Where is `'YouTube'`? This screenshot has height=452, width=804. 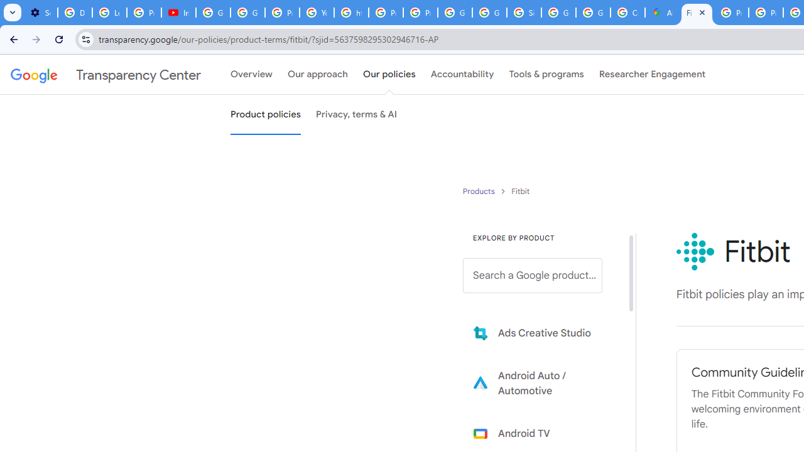 'YouTube' is located at coordinates (317, 13).